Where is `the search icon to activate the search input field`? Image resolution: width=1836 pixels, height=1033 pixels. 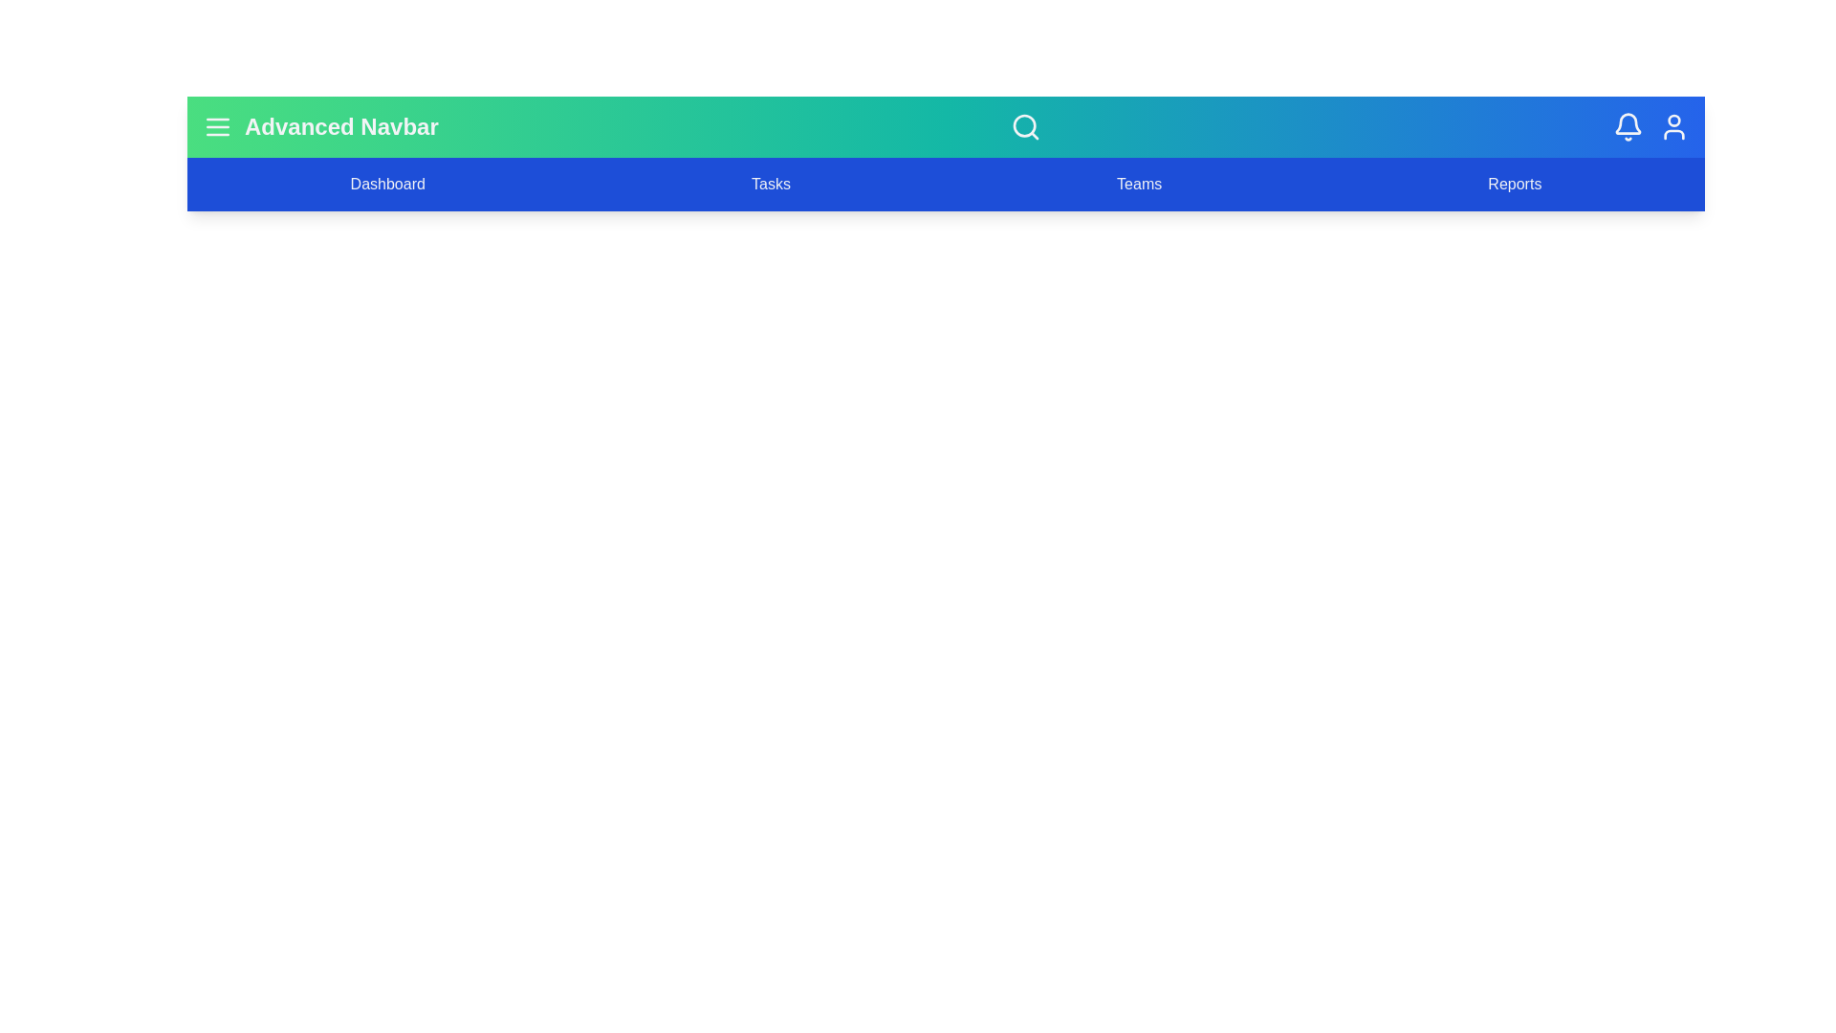 the search icon to activate the search input field is located at coordinates (1024, 126).